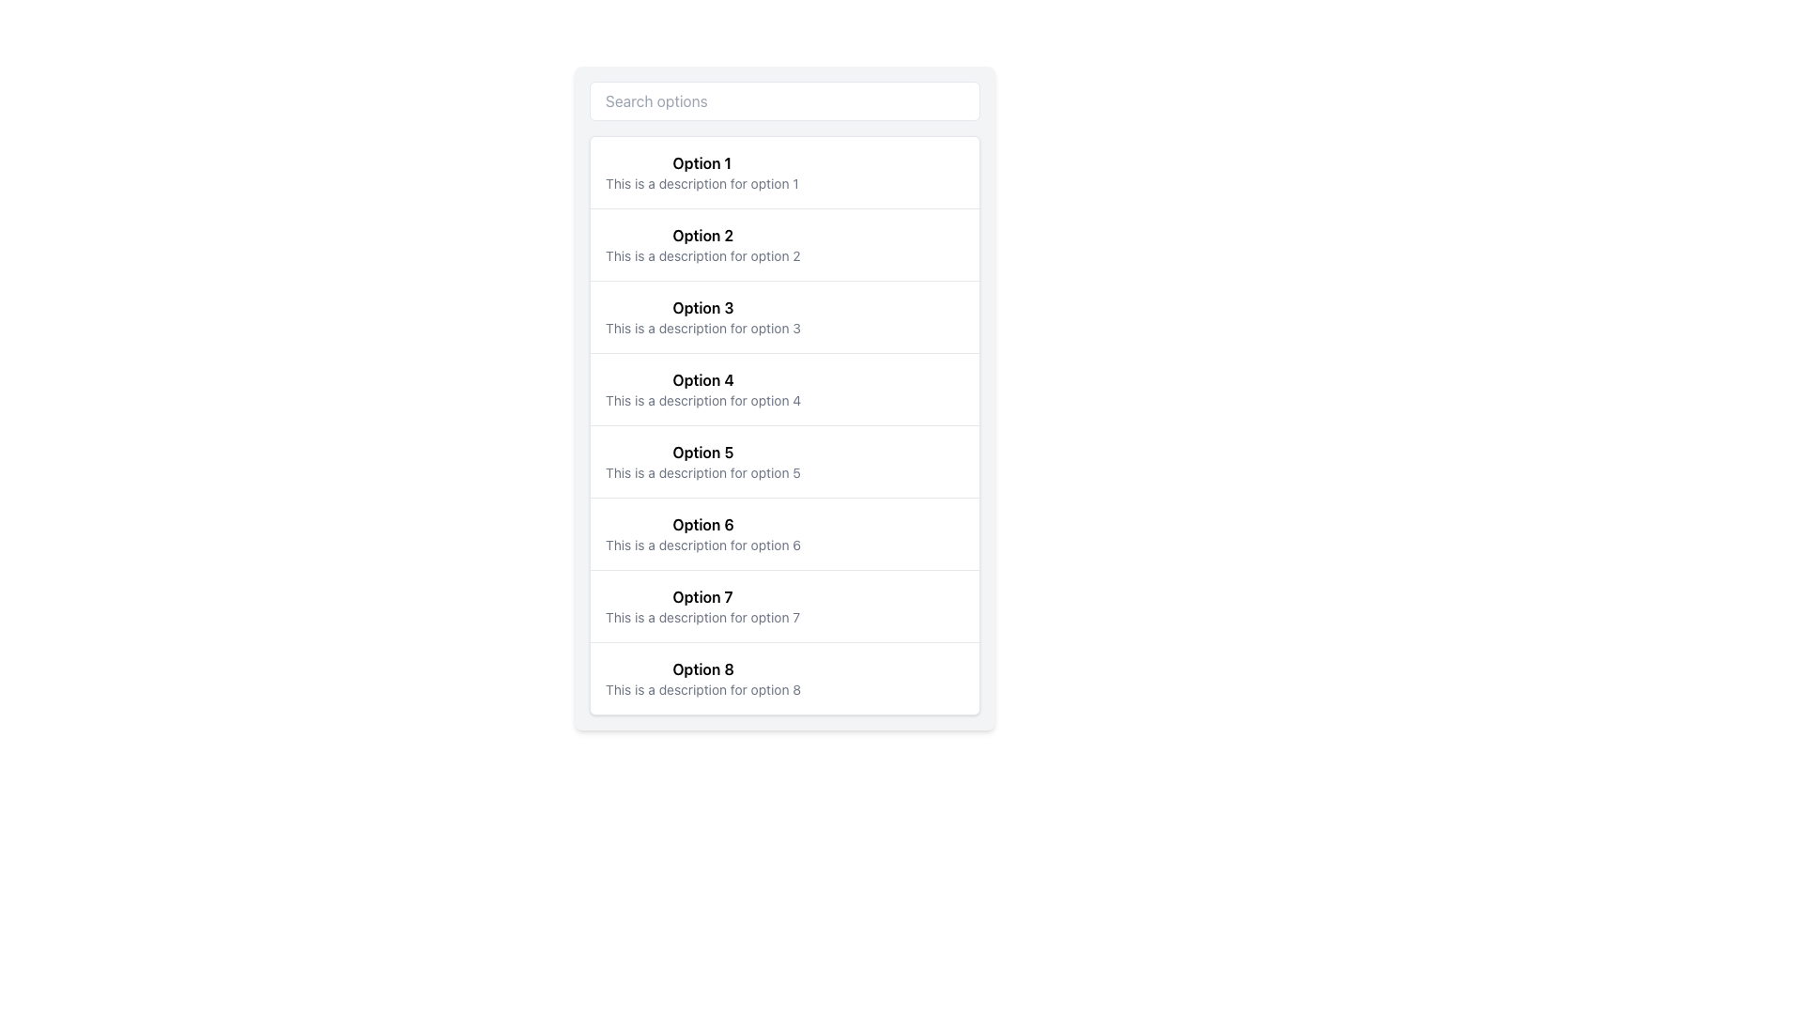 Image resolution: width=1803 pixels, height=1014 pixels. Describe the element at coordinates (784, 605) in the screenshot. I see `the List Item titled 'Option 7', which features a bold title and a smaller gray description, positioned in a vertical list between 'Option 6' and 'Option 8'` at that location.